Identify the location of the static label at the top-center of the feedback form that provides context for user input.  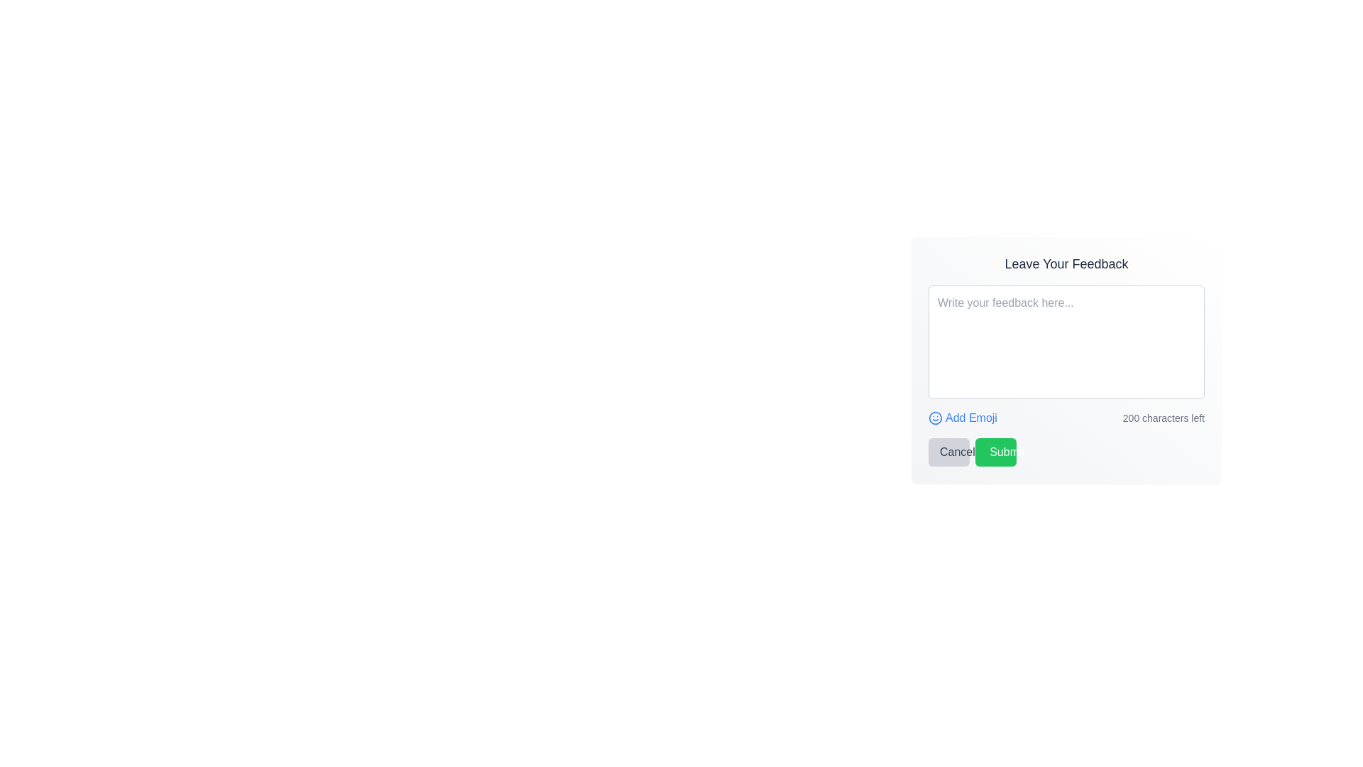
(1066, 263).